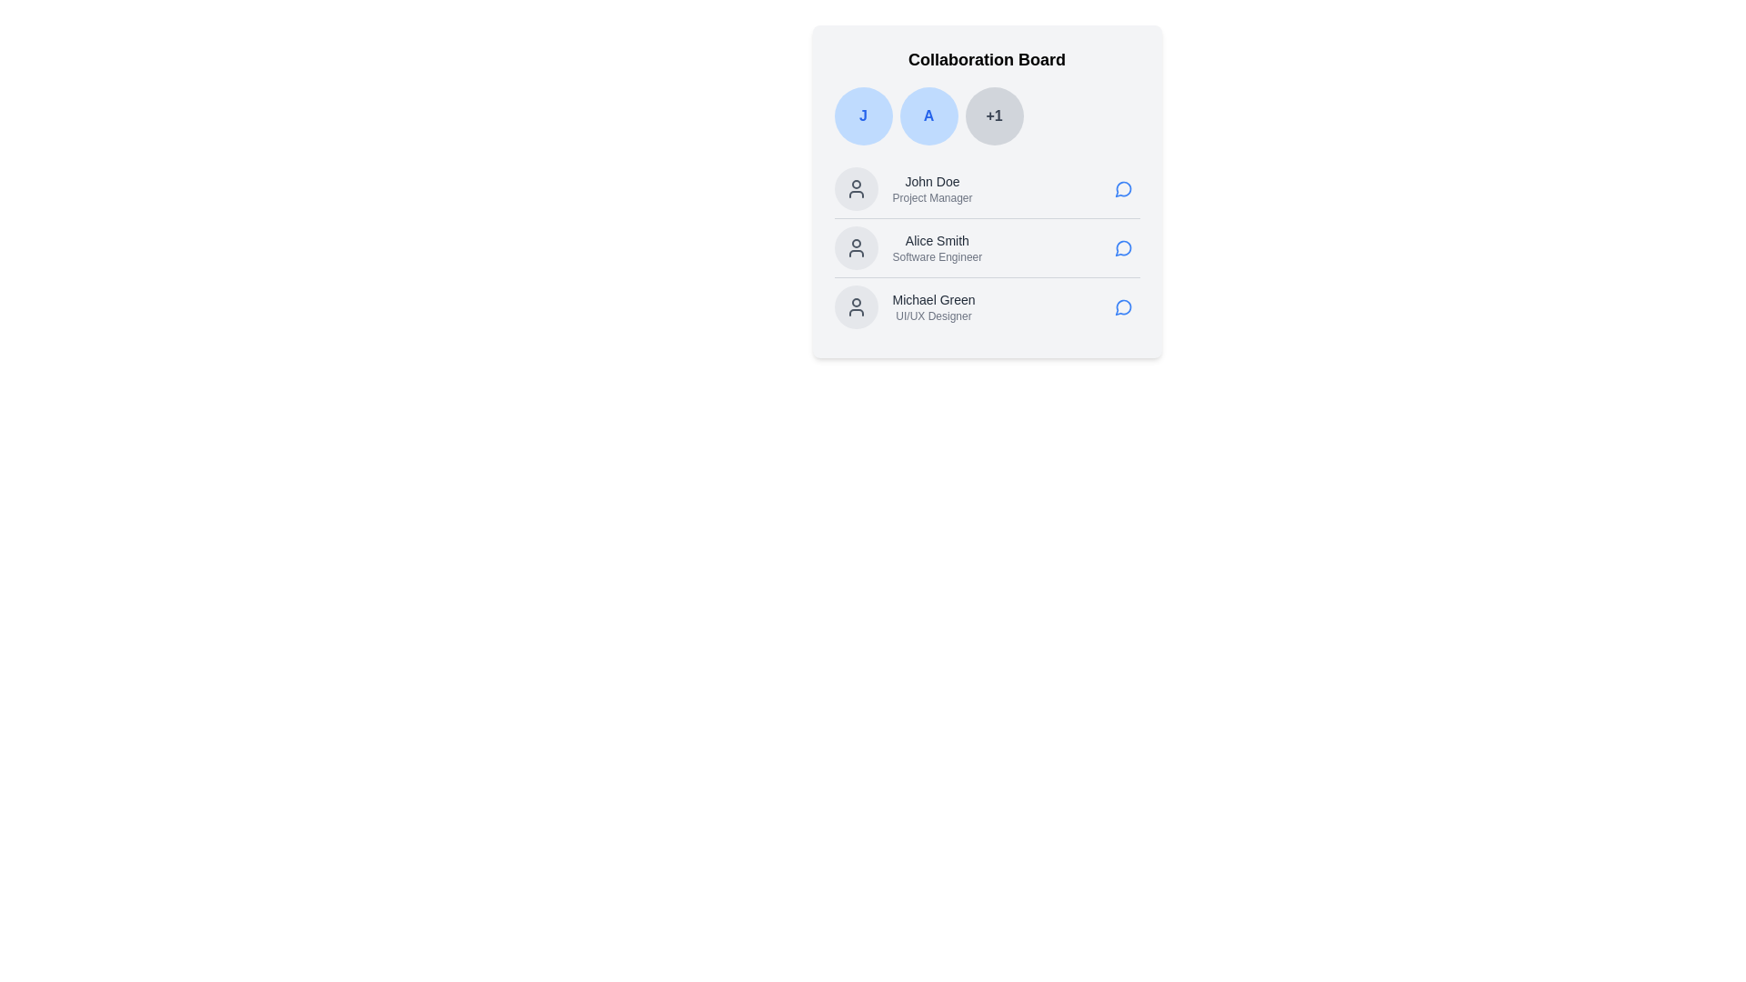 The image size is (1746, 982). What do you see at coordinates (1122, 248) in the screenshot?
I see `the circular interactive button with a blue speech bubble icon located at the end of the 'Alice Smith Software Engineer' row` at bounding box center [1122, 248].